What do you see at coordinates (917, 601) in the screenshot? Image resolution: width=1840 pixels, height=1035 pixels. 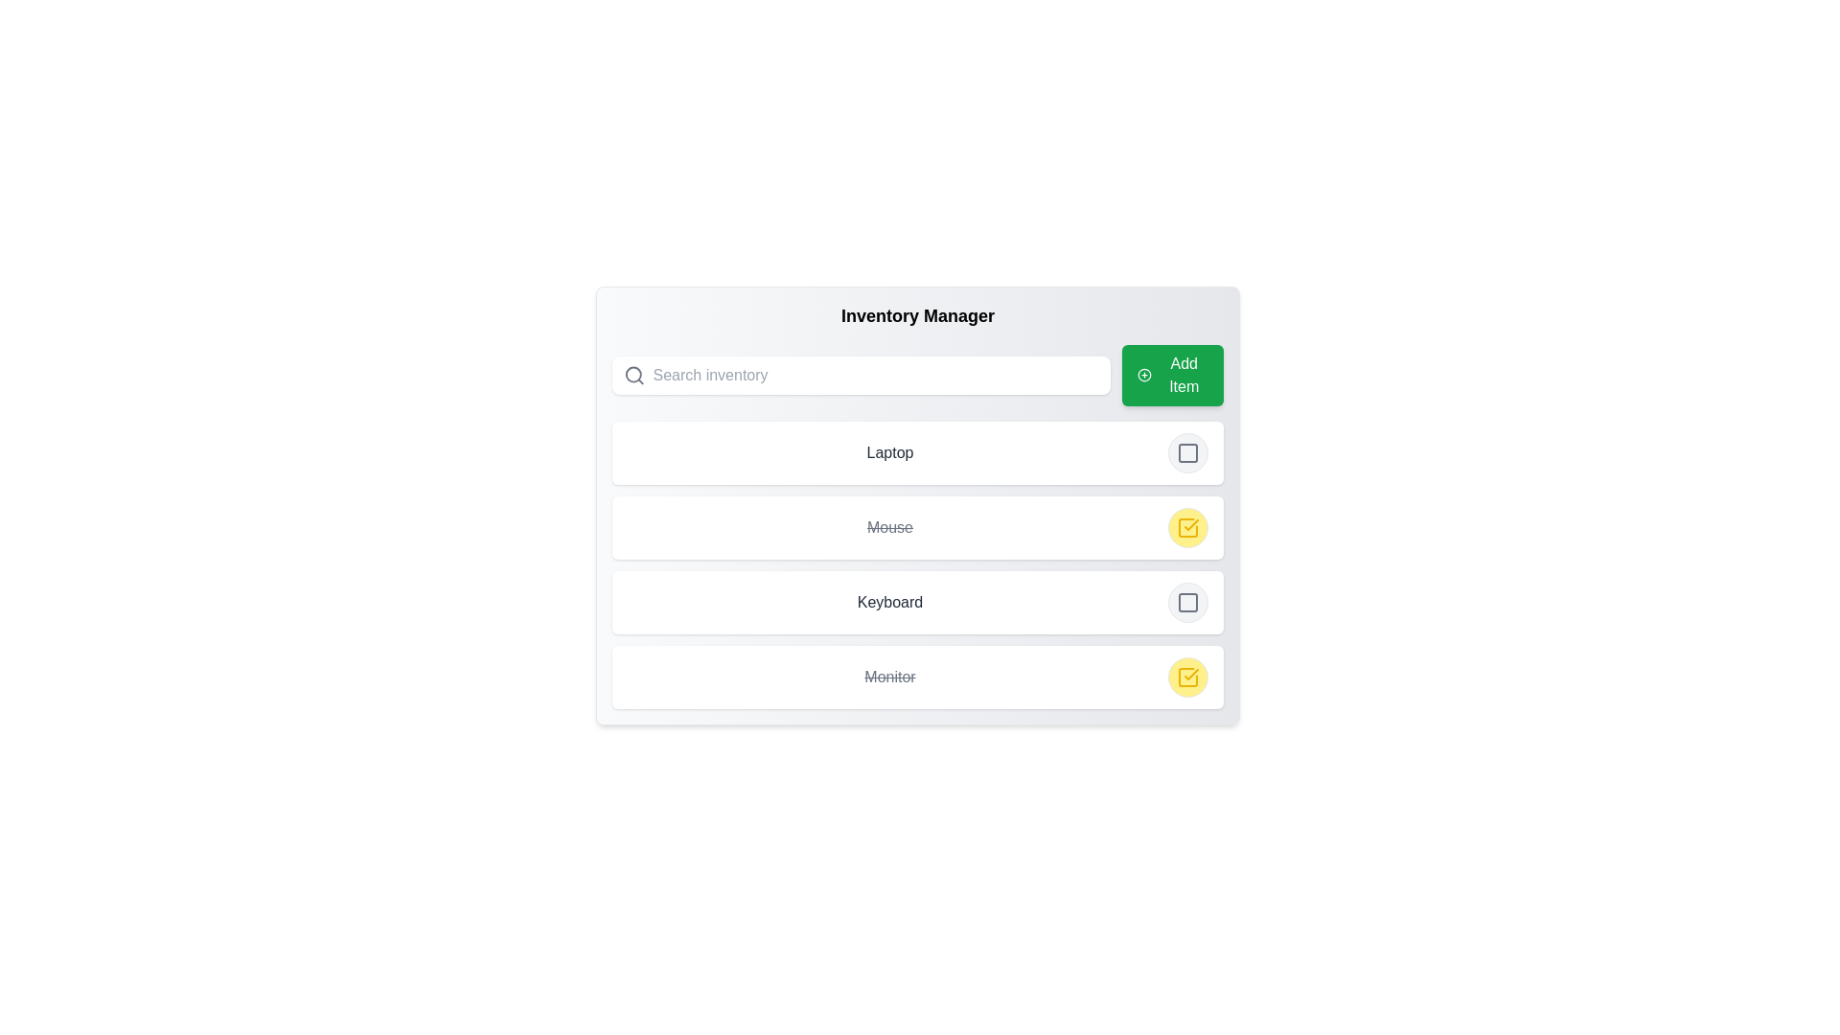 I see `label 'Keyboard' from the third card in a vertically aligned list of cards, which has a white background and a checkbox on the right` at bounding box center [917, 601].